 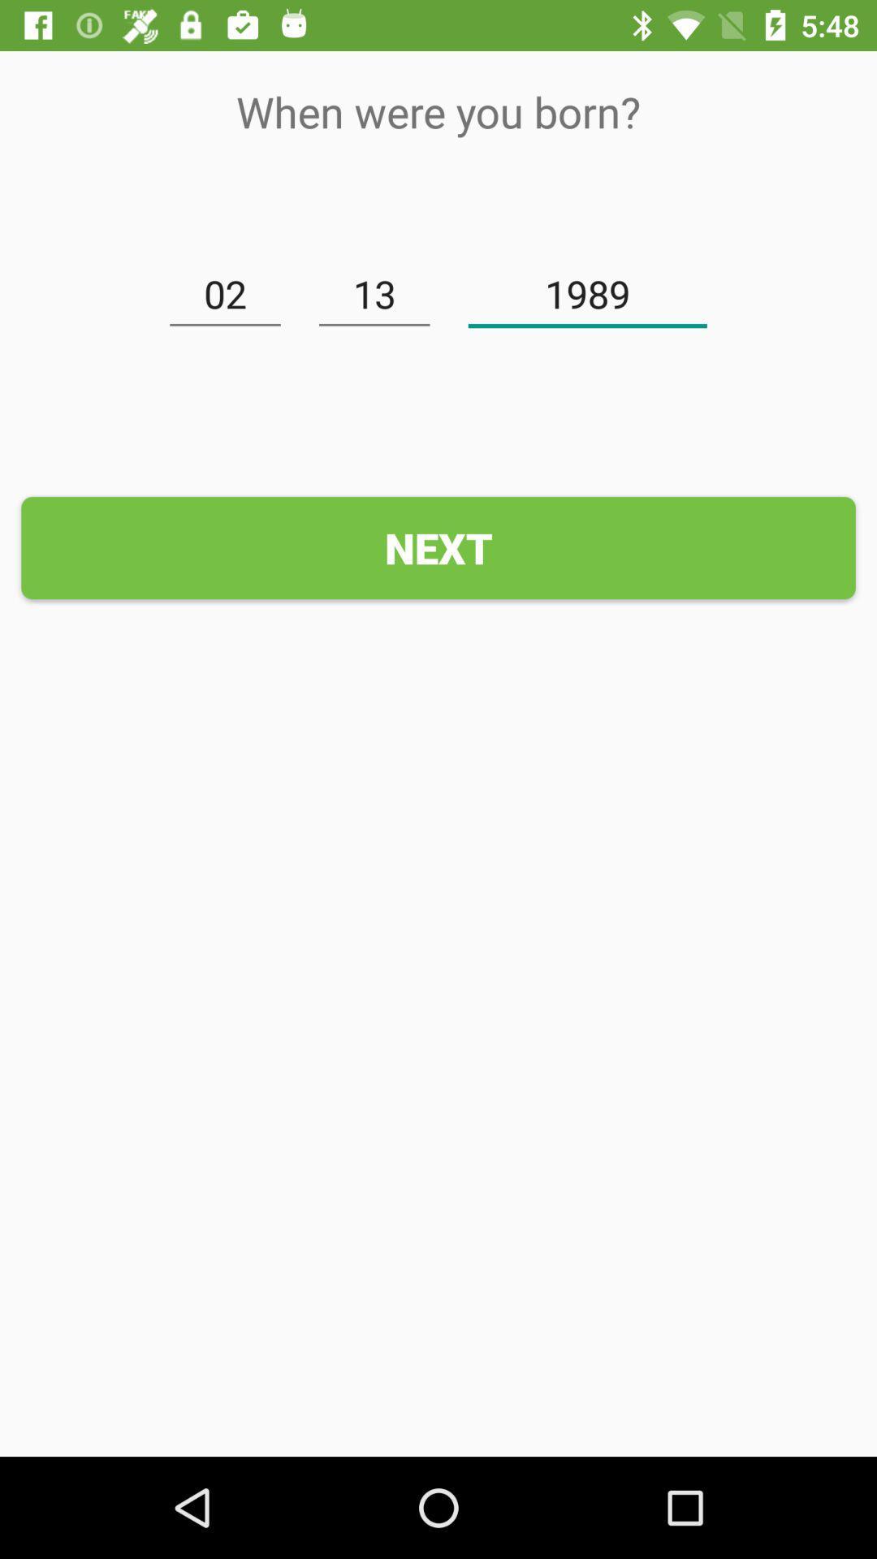 What do you see at coordinates (587, 295) in the screenshot?
I see `the icon below the when were you icon` at bounding box center [587, 295].